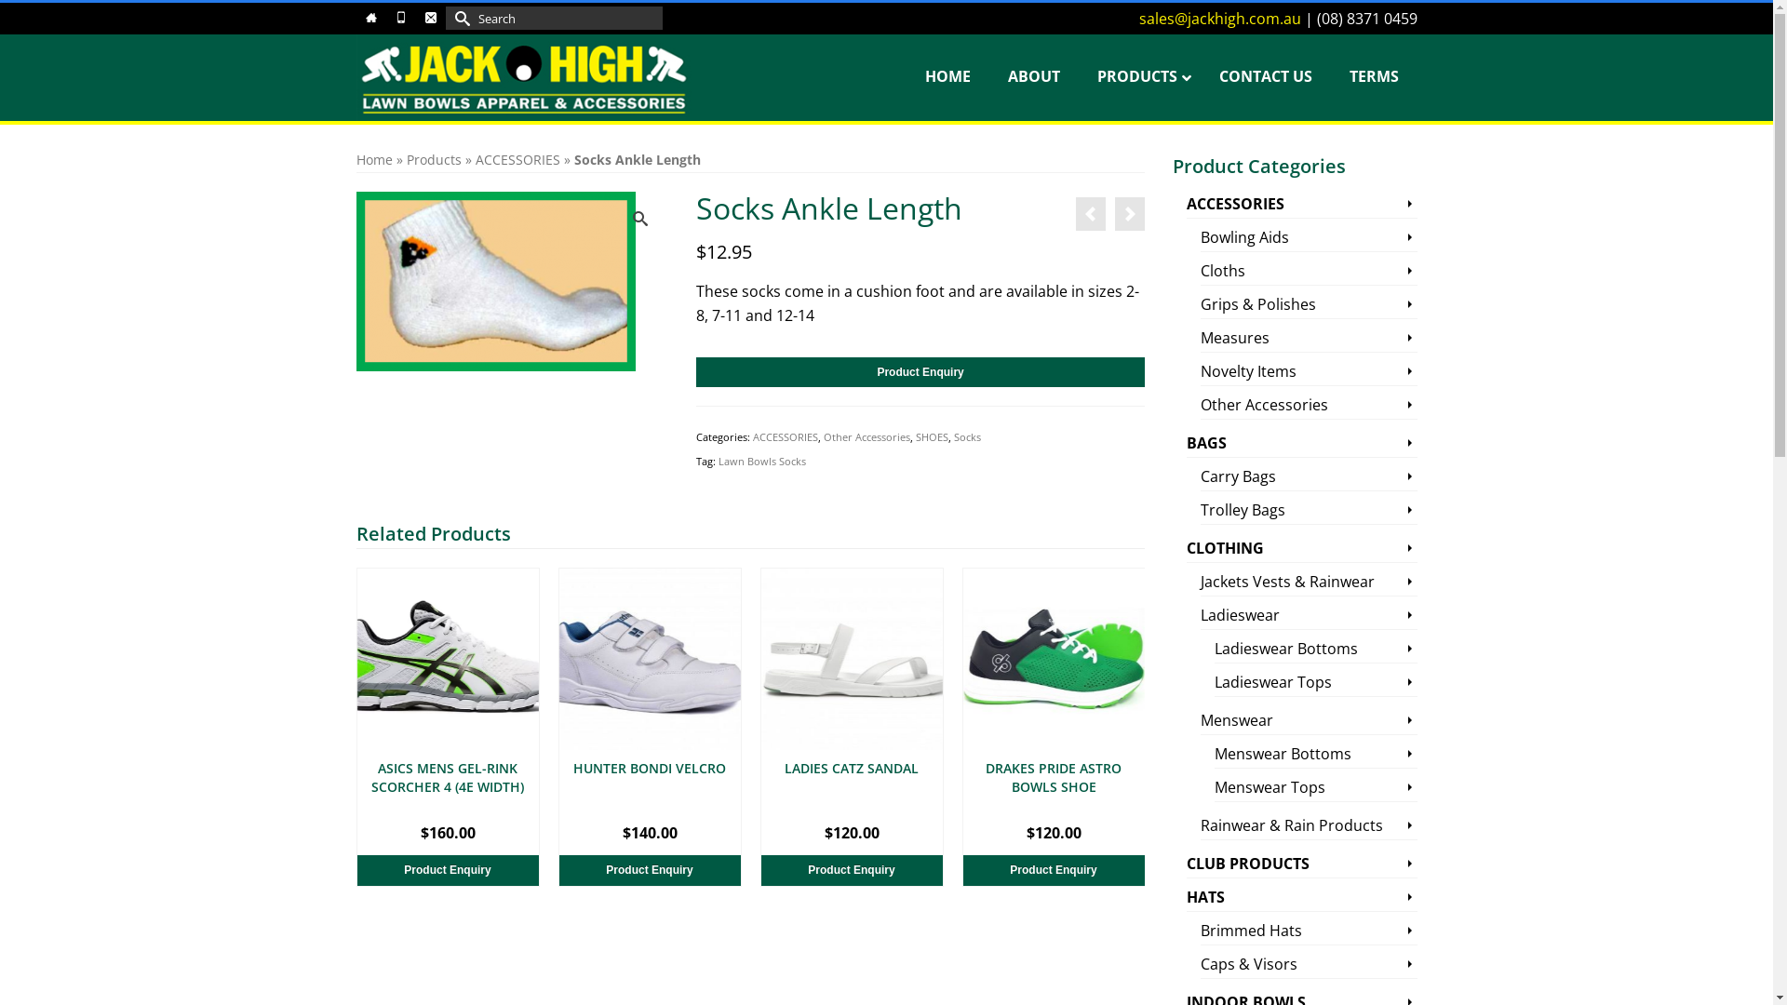 The height and width of the screenshot is (1005, 1787). Describe the element at coordinates (432, 158) in the screenshot. I see `'Products'` at that location.